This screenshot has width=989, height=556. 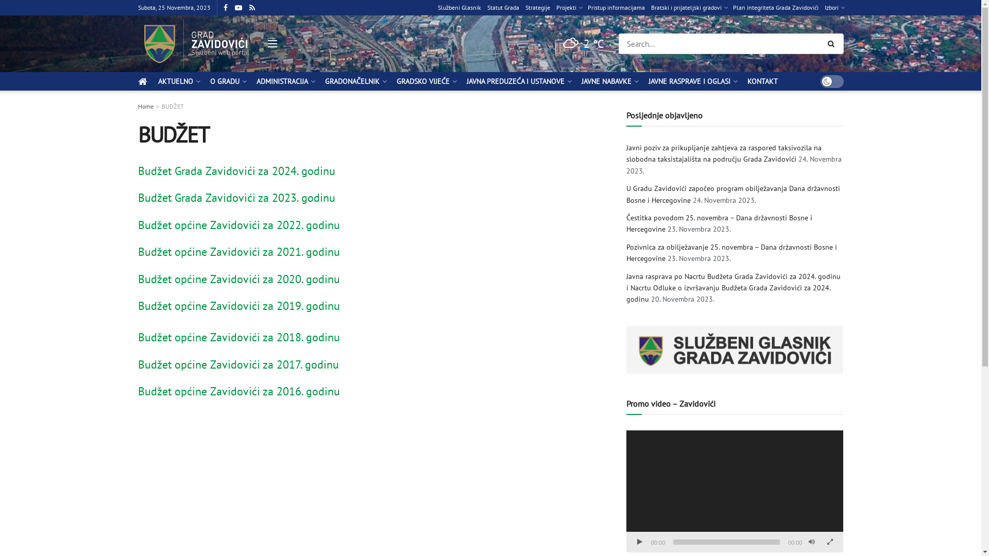 What do you see at coordinates (608, 81) in the screenshot?
I see `'JAVNE NABAVKE'` at bounding box center [608, 81].